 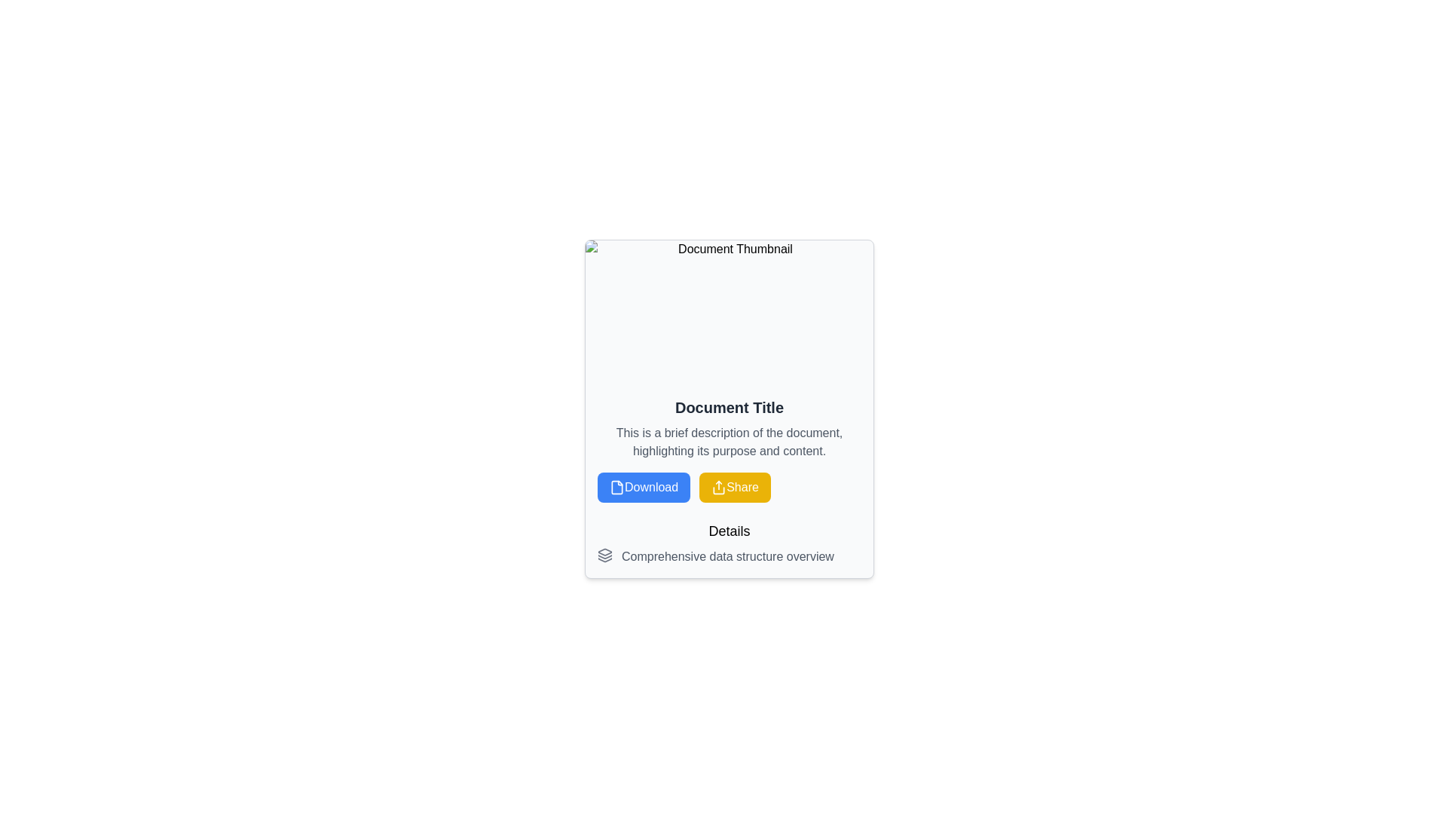 What do you see at coordinates (604, 555) in the screenshot?
I see `the small illustrative icon displayed in a gray tone, which is positioned to the left of the text 'Comprehensive data structure overview' near the bottom of the card-like layout` at bounding box center [604, 555].